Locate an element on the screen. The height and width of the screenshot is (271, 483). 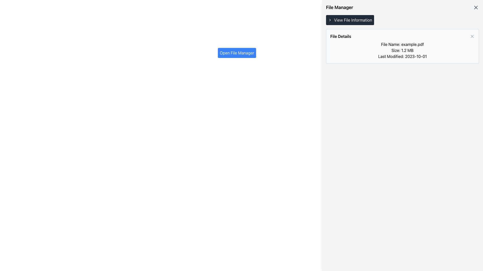
the close button located at the far right of the 'File Details' header in the file information panel is located at coordinates (472, 36).